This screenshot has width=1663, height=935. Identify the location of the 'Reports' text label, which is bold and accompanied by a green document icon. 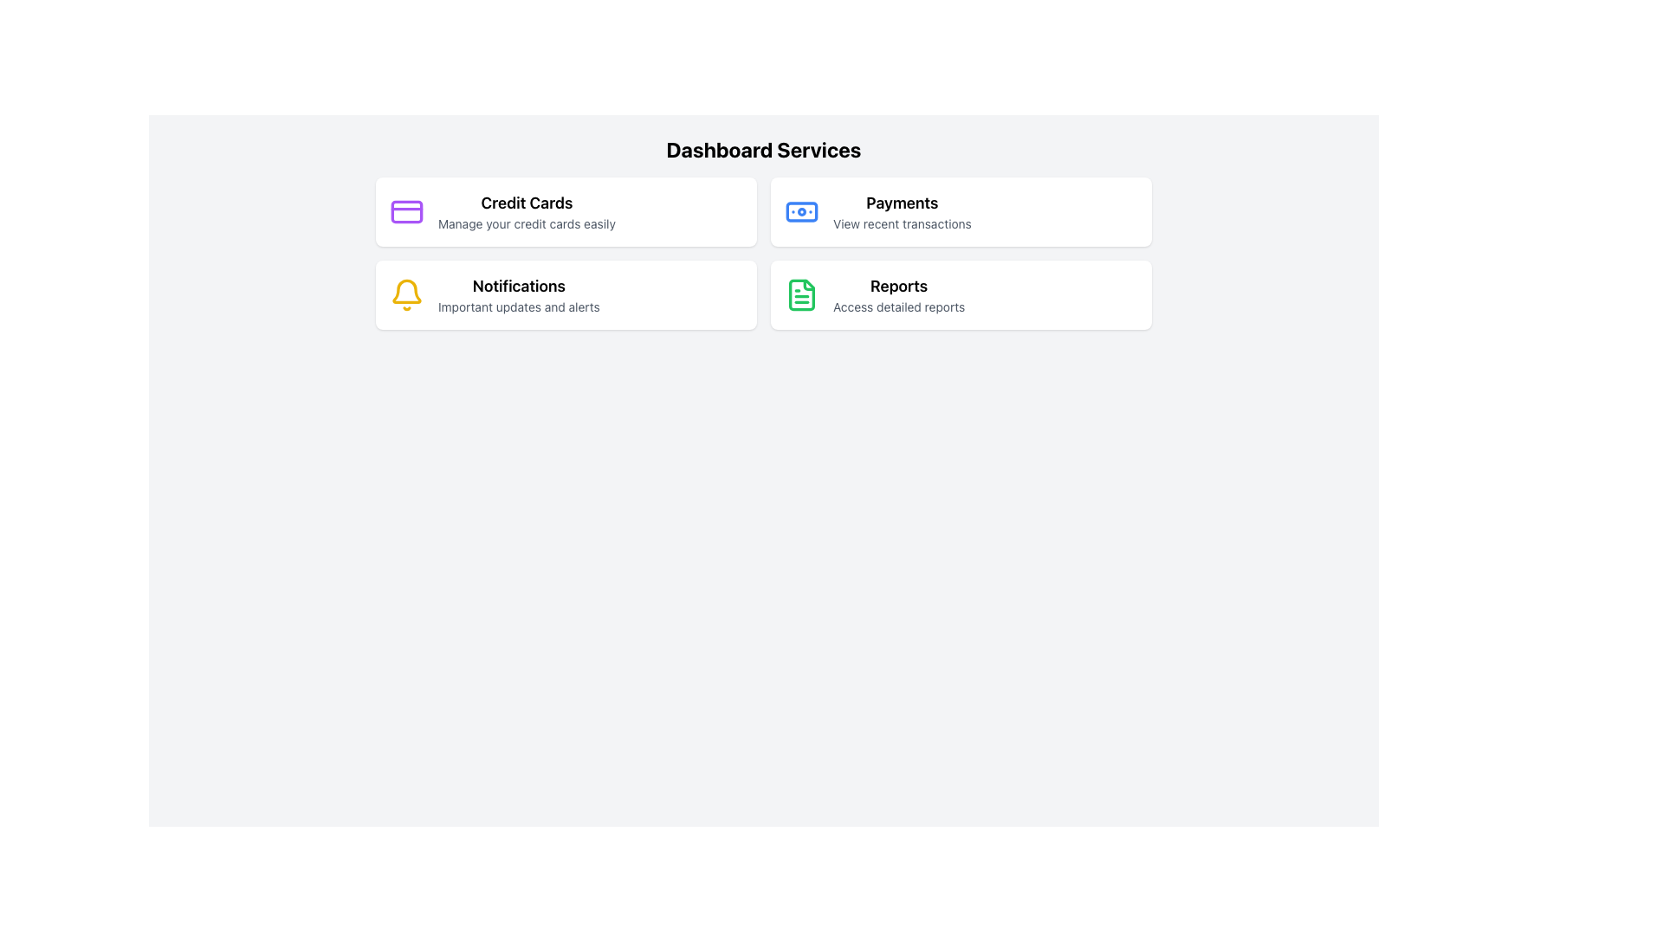
(898, 293).